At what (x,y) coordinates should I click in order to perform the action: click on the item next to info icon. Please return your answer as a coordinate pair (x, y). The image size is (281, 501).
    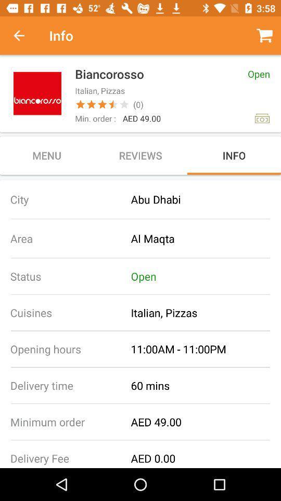
    Looking at the image, I should click on (24, 35).